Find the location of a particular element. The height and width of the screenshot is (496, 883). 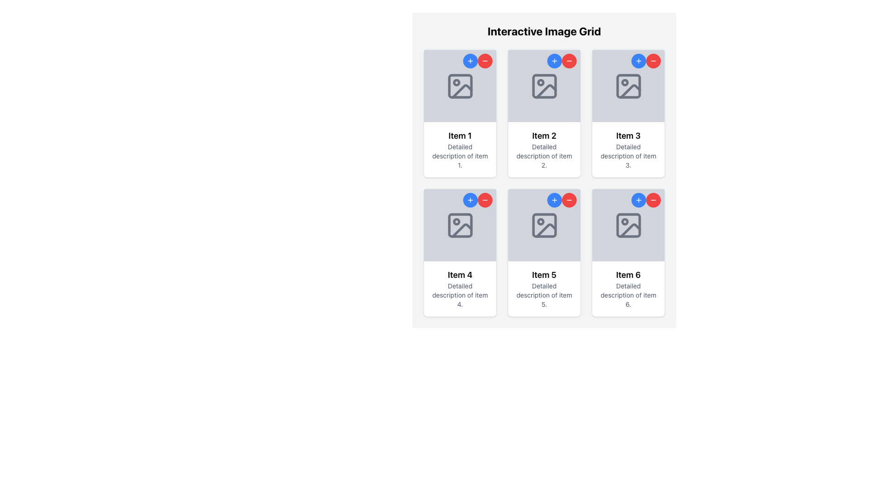

the image placeholder component located in the top row, first column of the grid layout, which has a light gray background and a central icon depicting an image placeholder is located at coordinates (460, 86).